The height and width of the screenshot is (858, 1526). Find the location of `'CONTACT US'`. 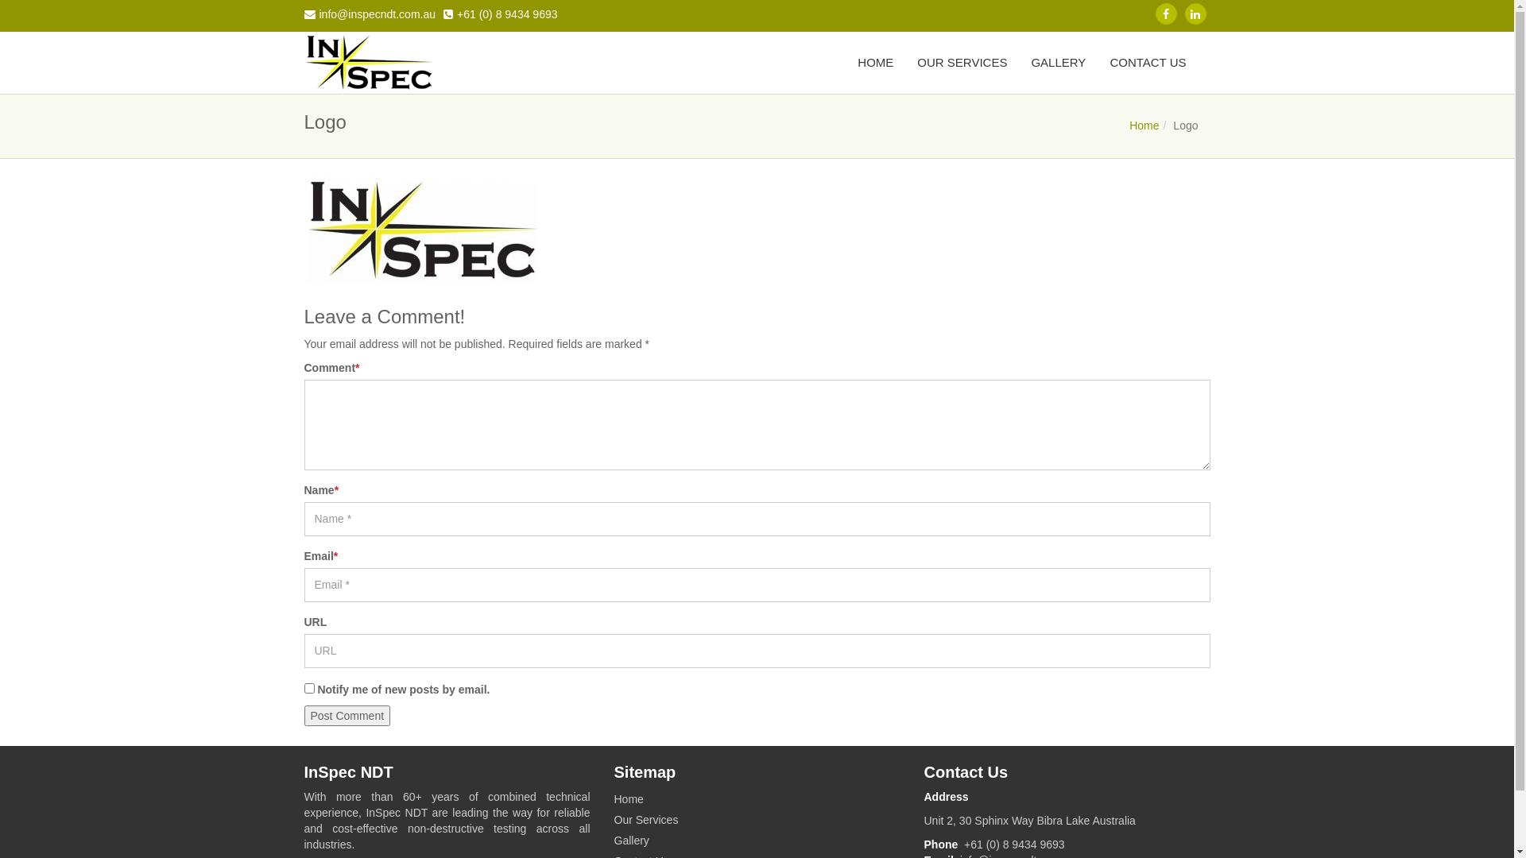

'CONTACT US' is located at coordinates (1148, 61).